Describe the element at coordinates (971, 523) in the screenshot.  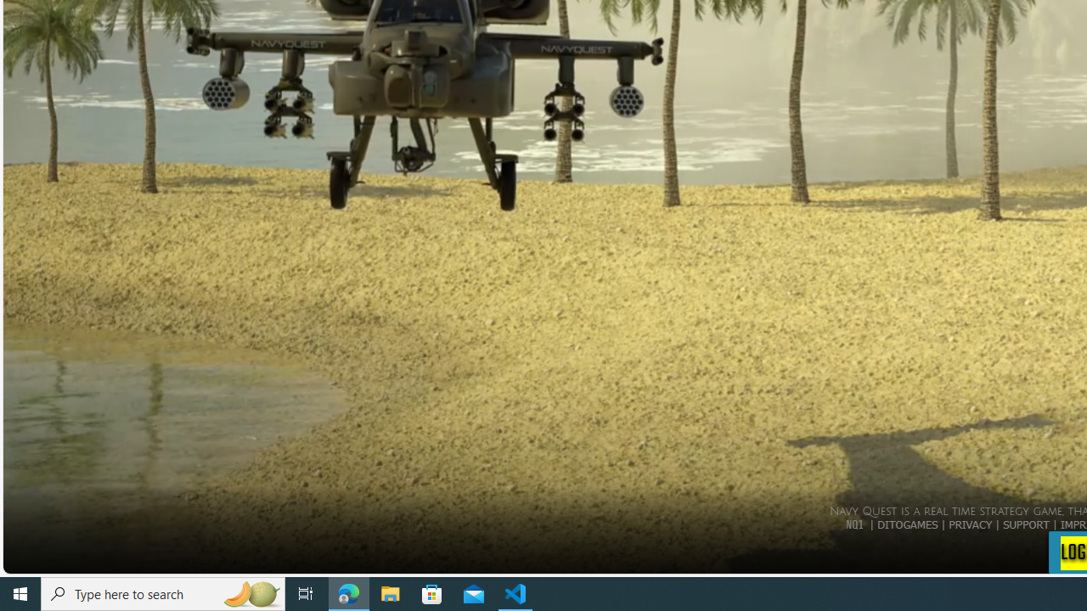
I see `'PRIVACY'` at that location.